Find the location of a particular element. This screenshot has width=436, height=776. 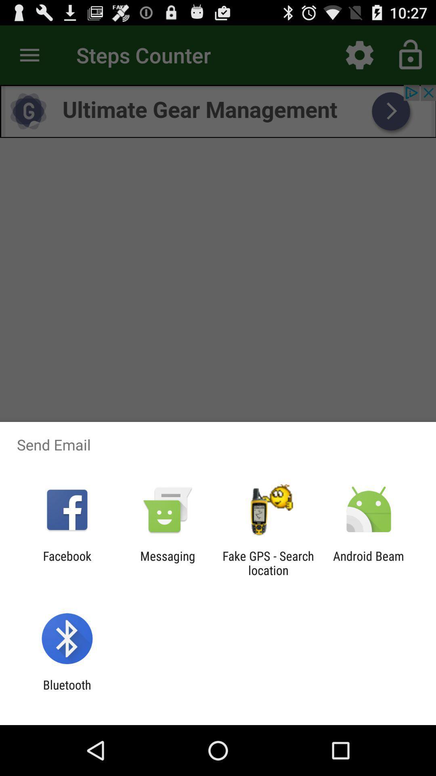

item next to the fake gps search icon is located at coordinates (167, 563).